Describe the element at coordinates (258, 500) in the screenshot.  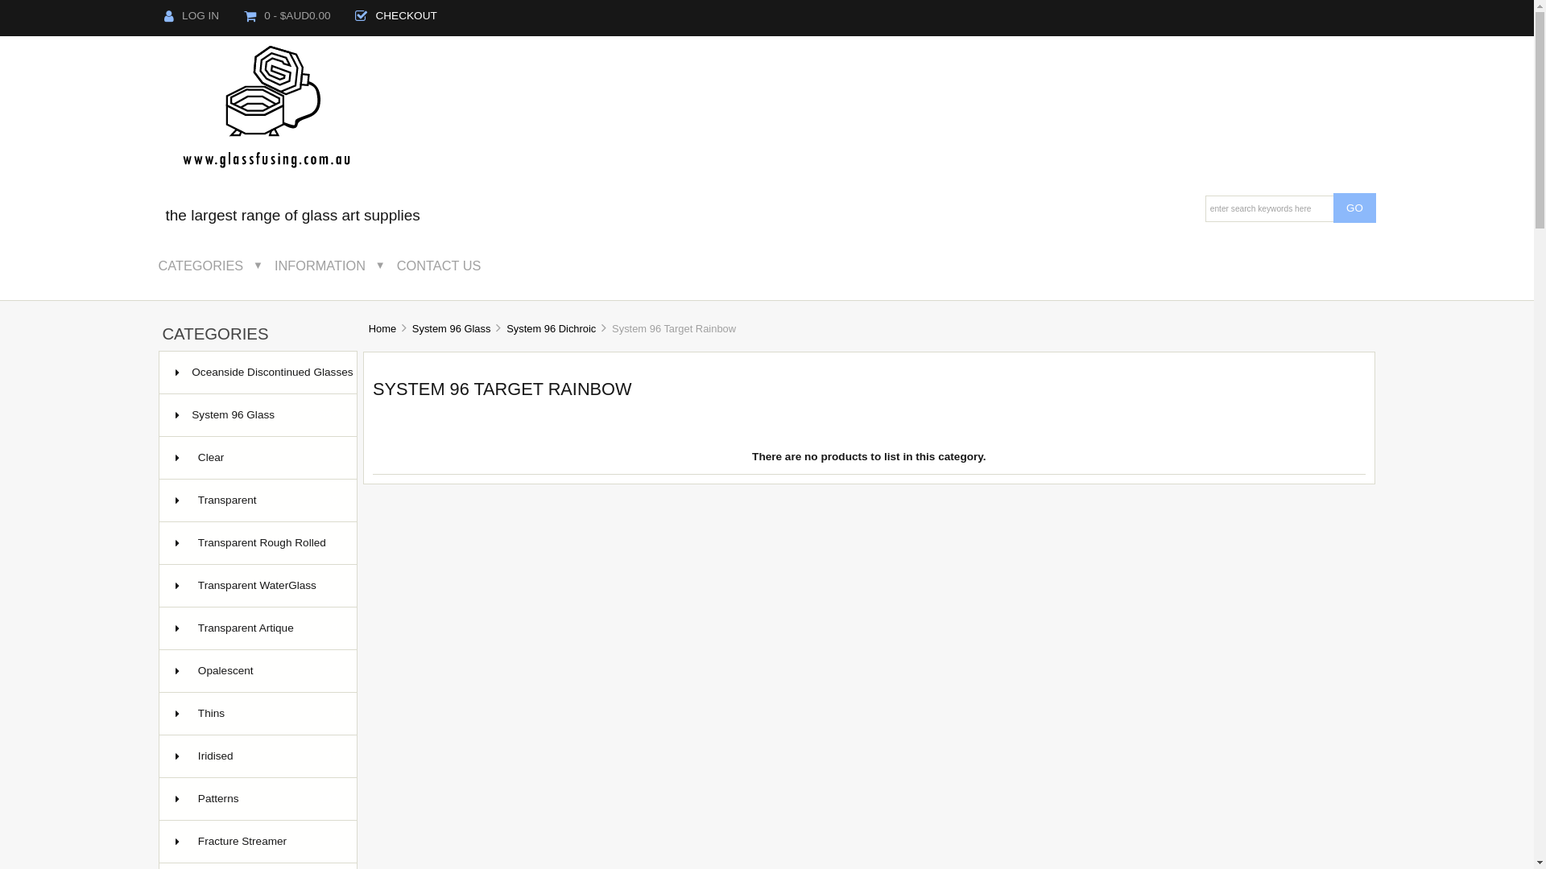
I see `'  Transparent` at that location.